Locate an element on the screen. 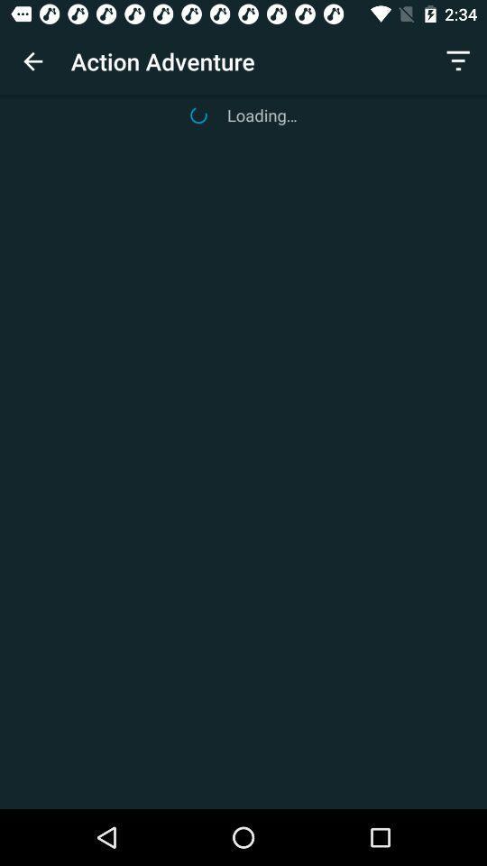 Image resolution: width=487 pixels, height=866 pixels. the item to the left of action adventure item is located at coordinates (32, 61).